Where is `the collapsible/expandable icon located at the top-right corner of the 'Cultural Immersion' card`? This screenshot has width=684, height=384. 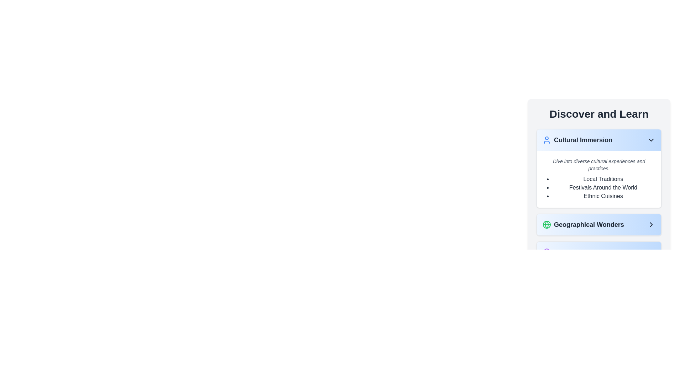 the collapsible/expandable icon located at the top-right corner of the 'Cultural Immersion' card is located at coordinates (651, 140).